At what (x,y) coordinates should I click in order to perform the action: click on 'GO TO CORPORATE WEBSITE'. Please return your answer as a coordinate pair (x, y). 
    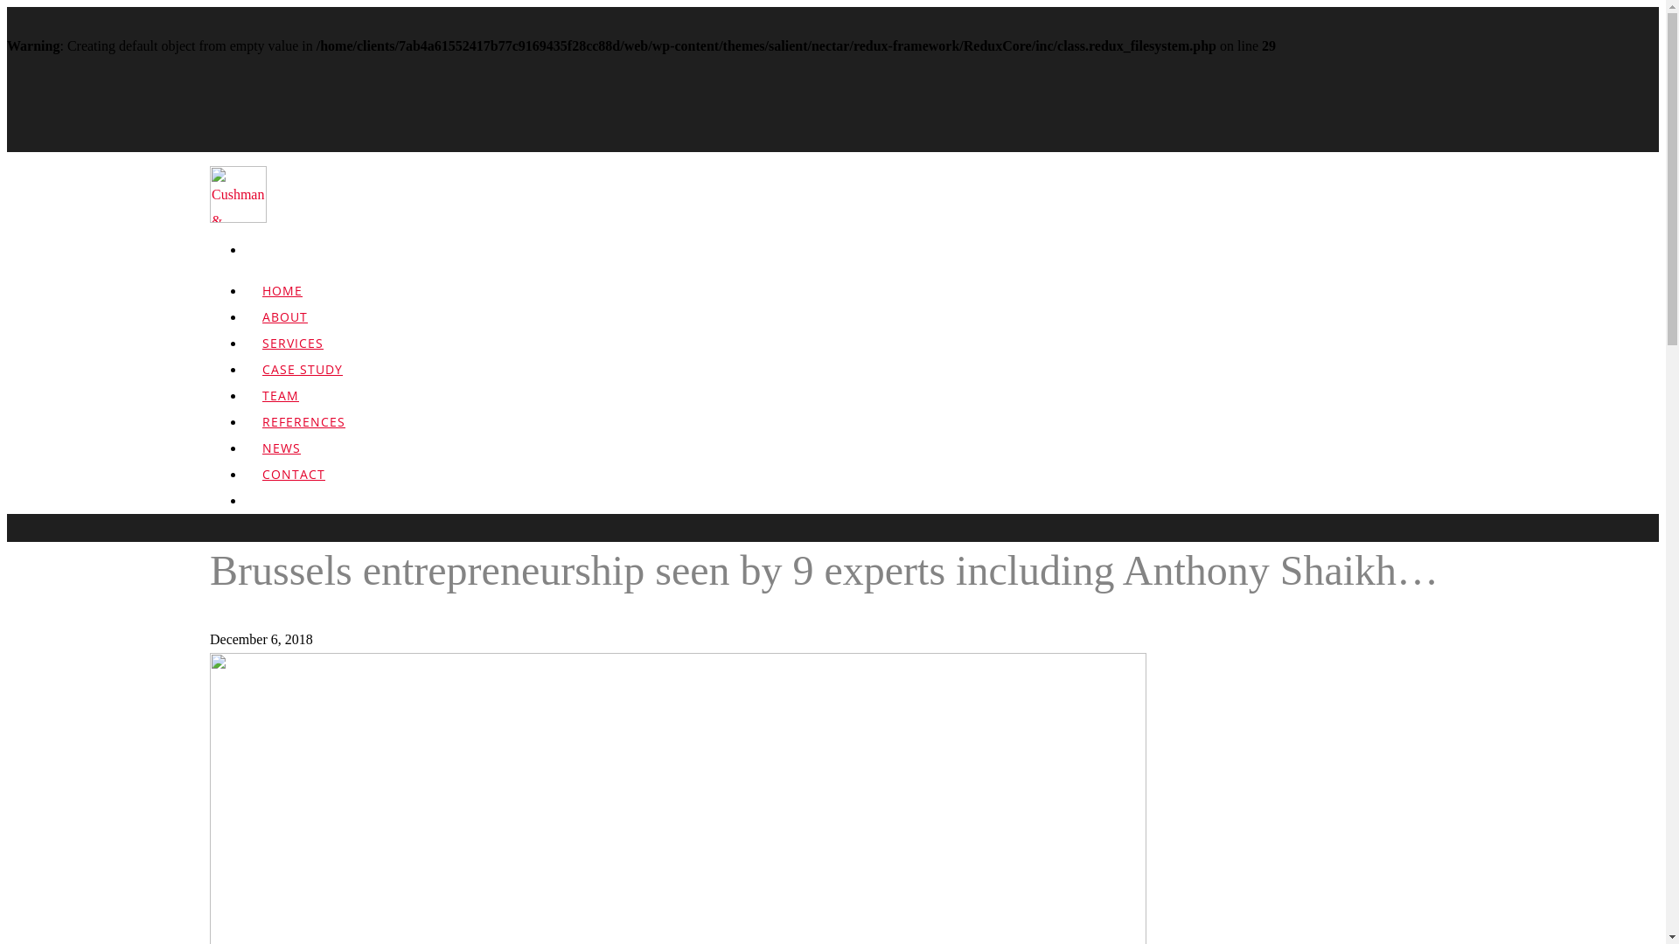
    Looking at the image, I should click on (1501, 899).